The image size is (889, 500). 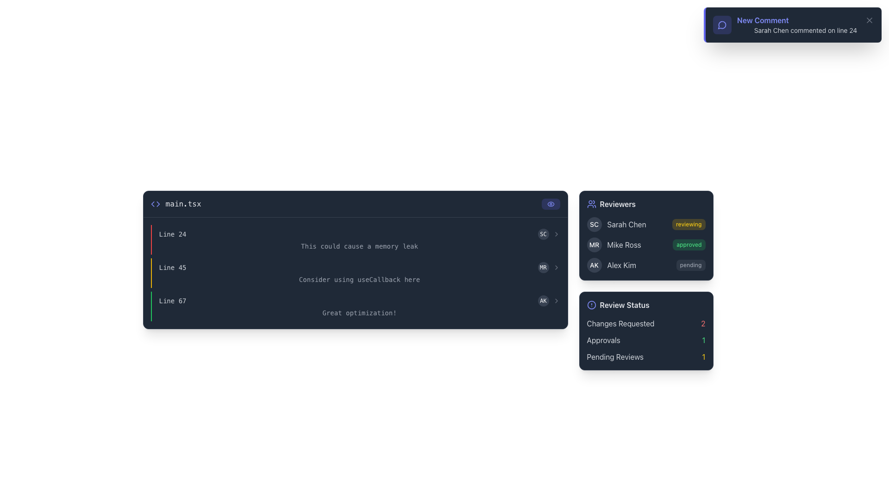 What do you see at coordinates (645, 244) in the screenshot?
I see `the green 'approved' status badge of the list item for 'Mike Ross'` at bounding box center [645, 244].